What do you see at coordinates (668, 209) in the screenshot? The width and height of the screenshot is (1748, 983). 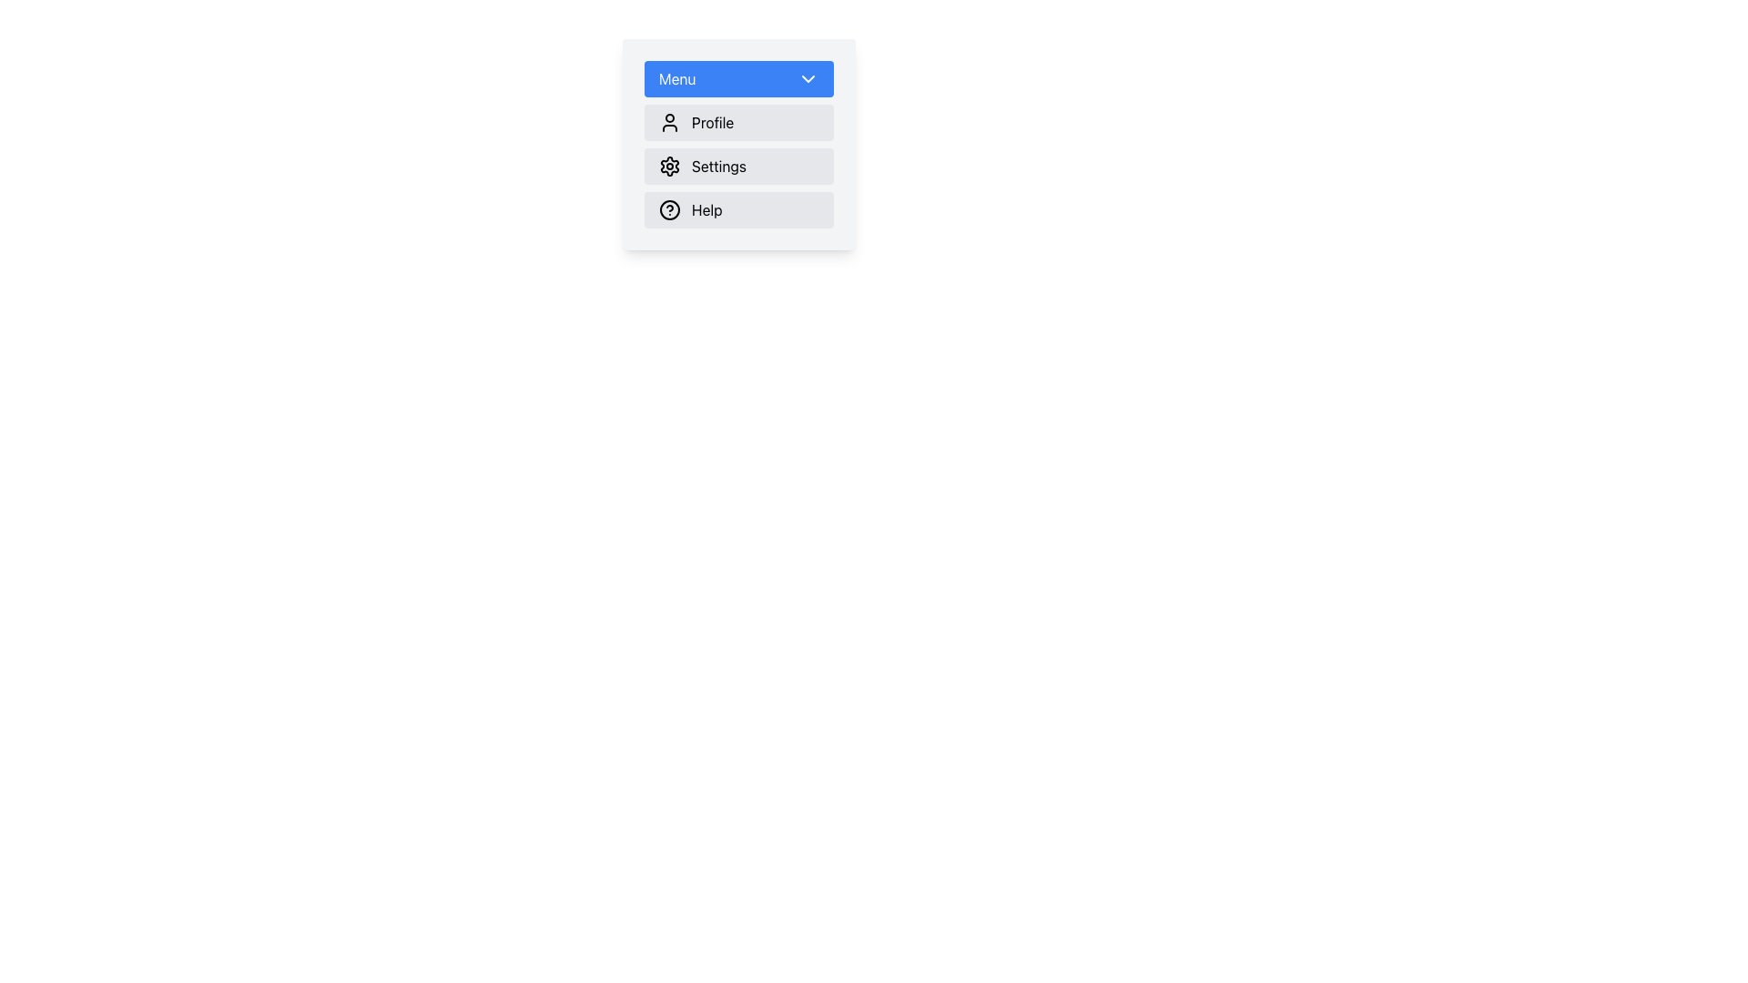 I see `the SVG Circle element that represents the decorative part of the help icon, which is the last item in the vertical stack of menu options` at bounding box center [668, 209].